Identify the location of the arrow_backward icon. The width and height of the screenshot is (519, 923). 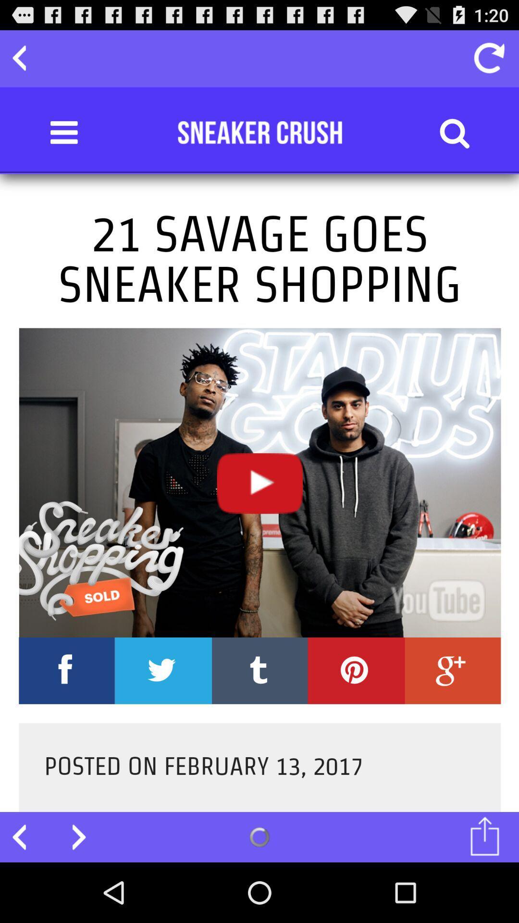
(25, 61).